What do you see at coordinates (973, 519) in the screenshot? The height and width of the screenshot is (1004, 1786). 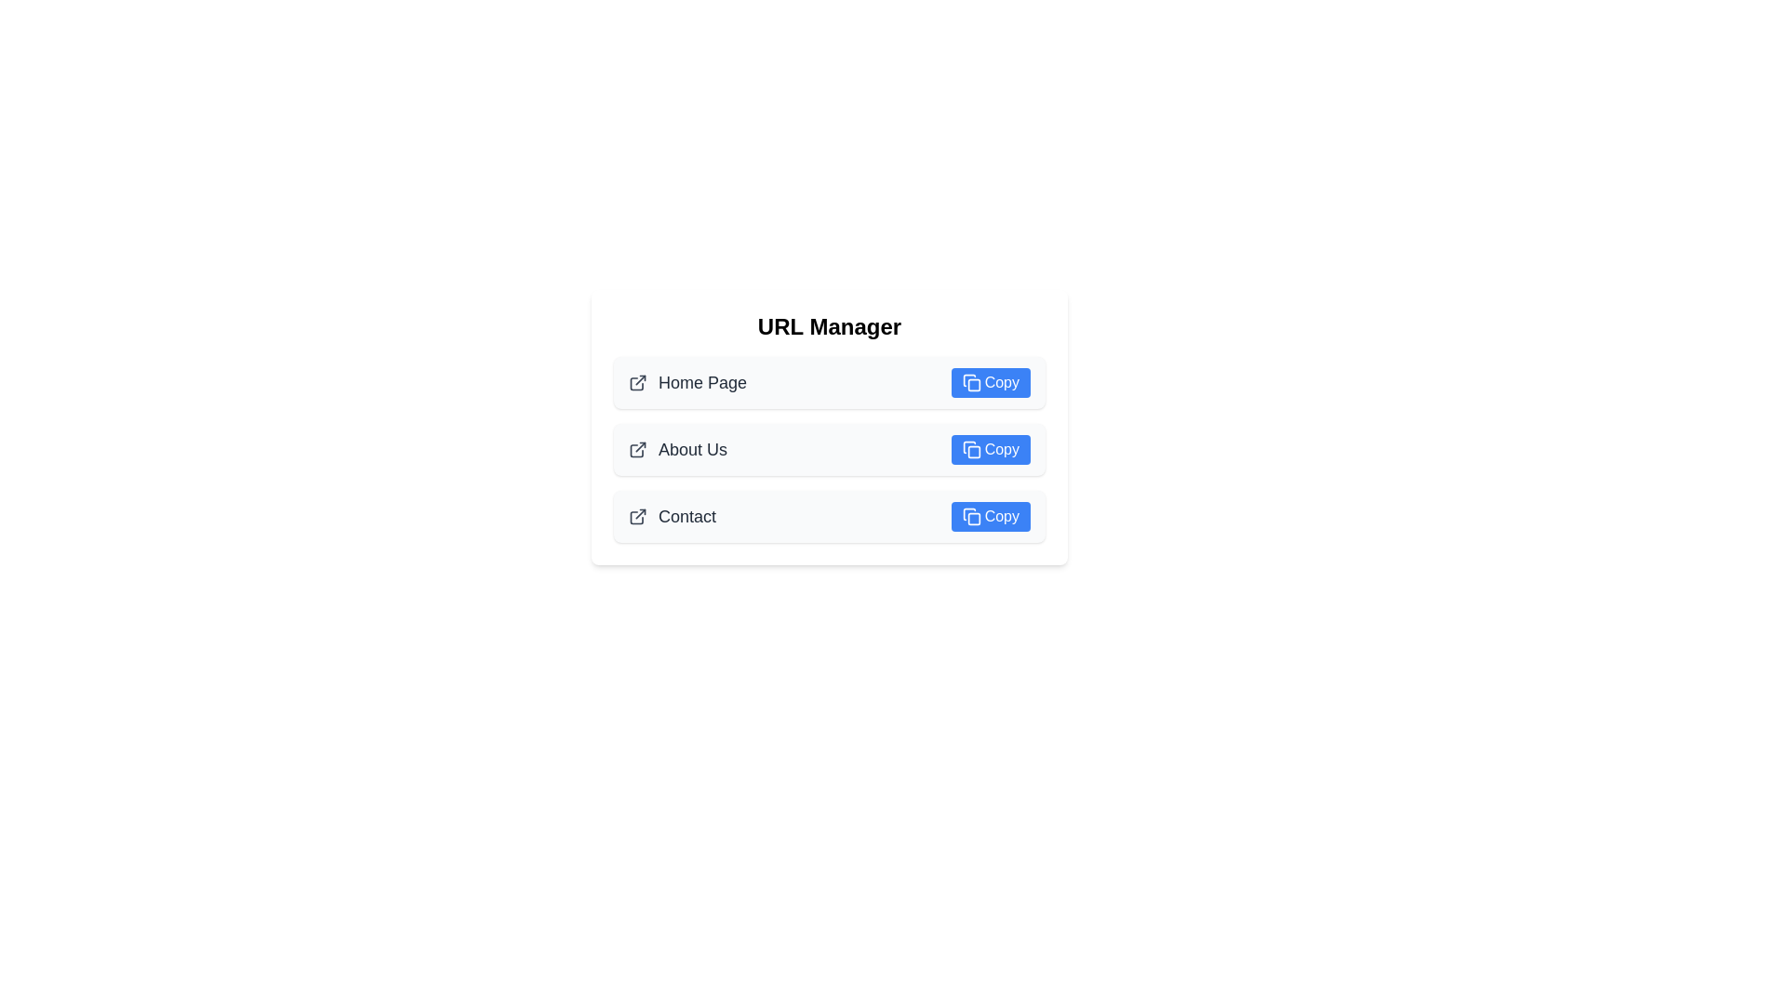 I see `the inner square element of the 'Copy' button associated with 'Contact' to interact with the button` at bounding box center [973, 519].